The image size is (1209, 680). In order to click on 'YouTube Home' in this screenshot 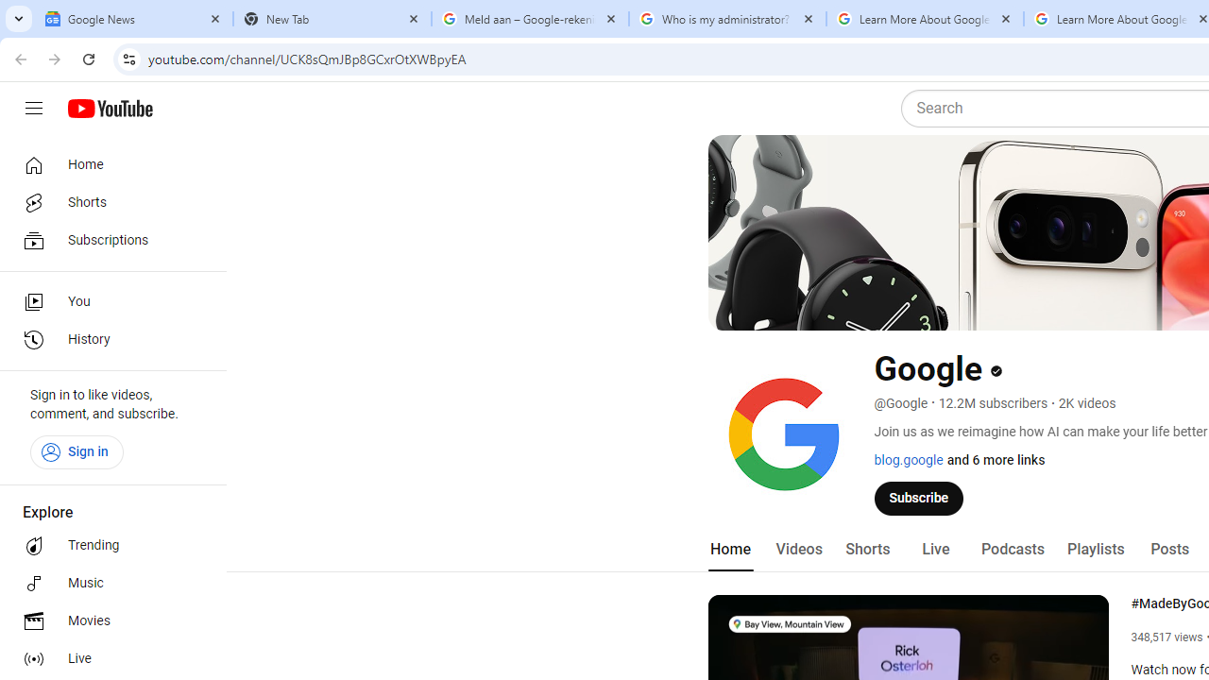, I will do `click(109, 109)`.